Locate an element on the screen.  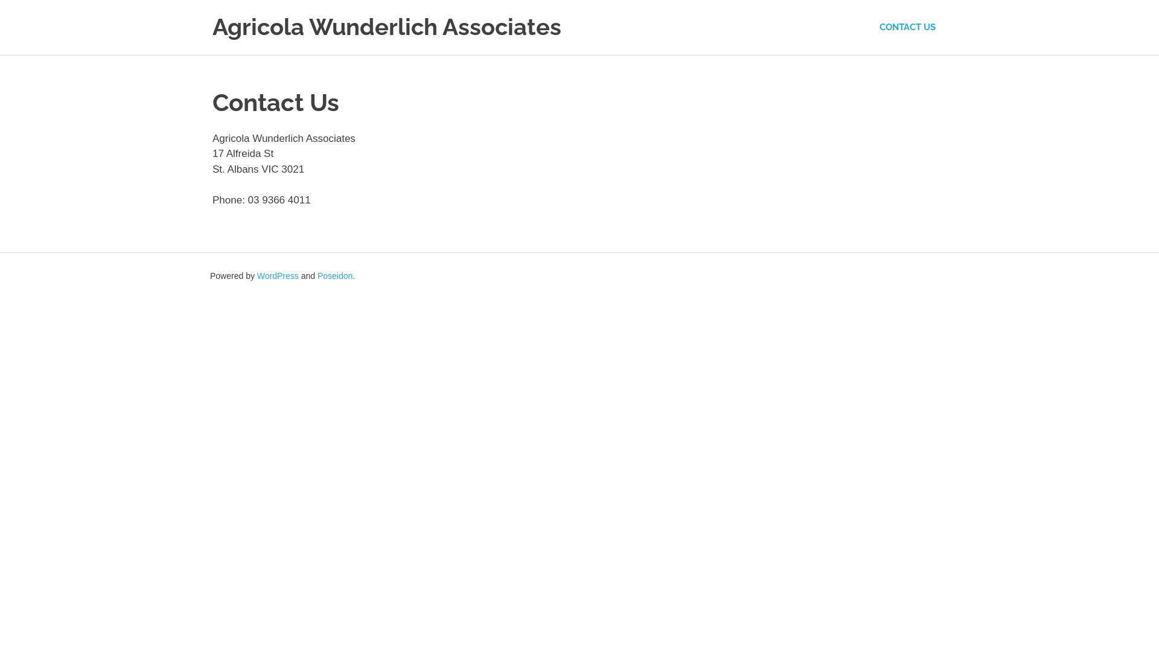
'Poseidon' is located at coordinates (335, 275).